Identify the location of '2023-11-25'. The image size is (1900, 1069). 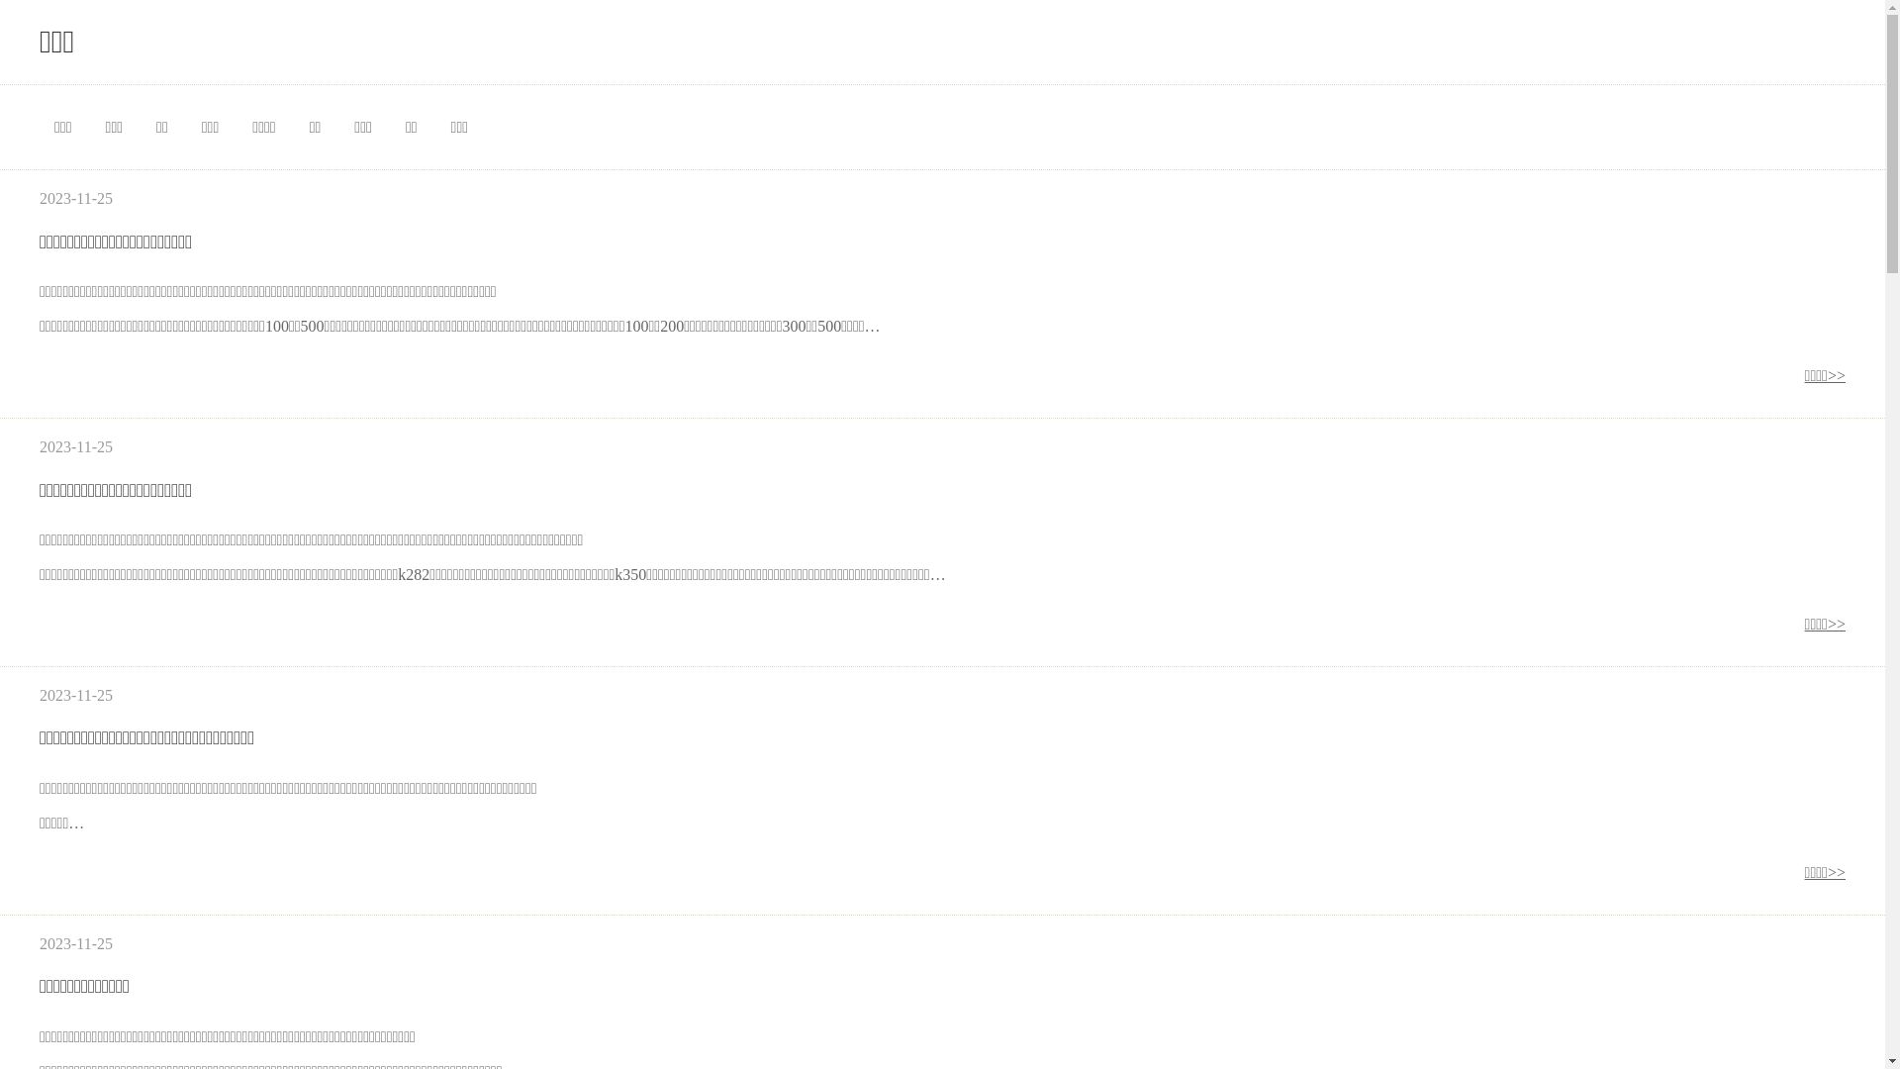
(75, 942).